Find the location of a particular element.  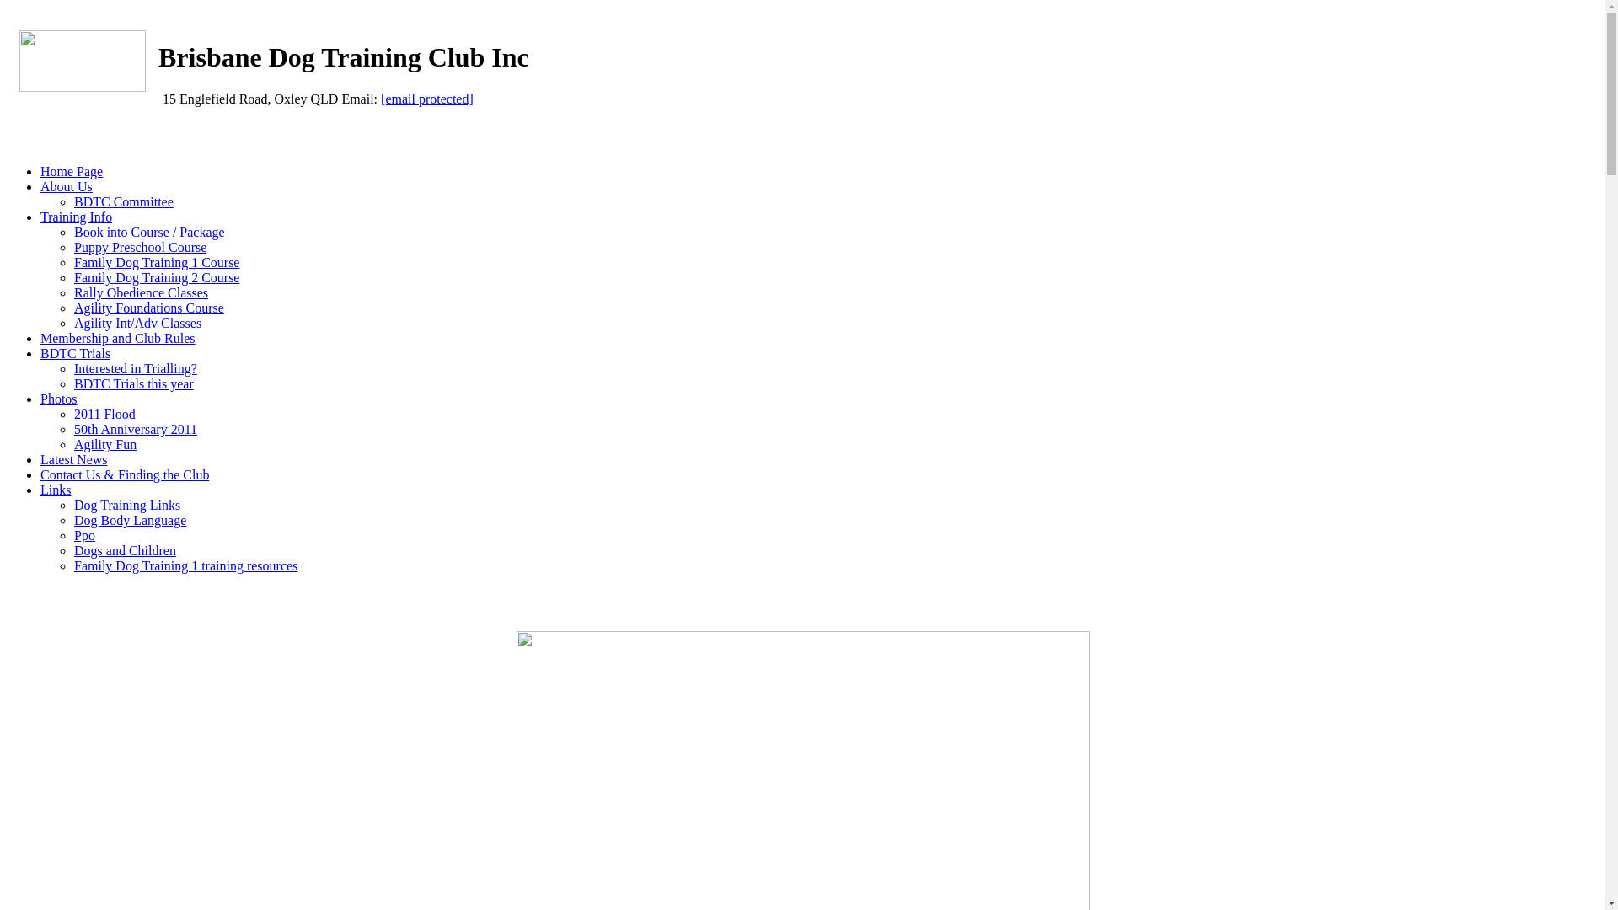

'Puppy Preschool Course' is located at coordinates (72, 247).